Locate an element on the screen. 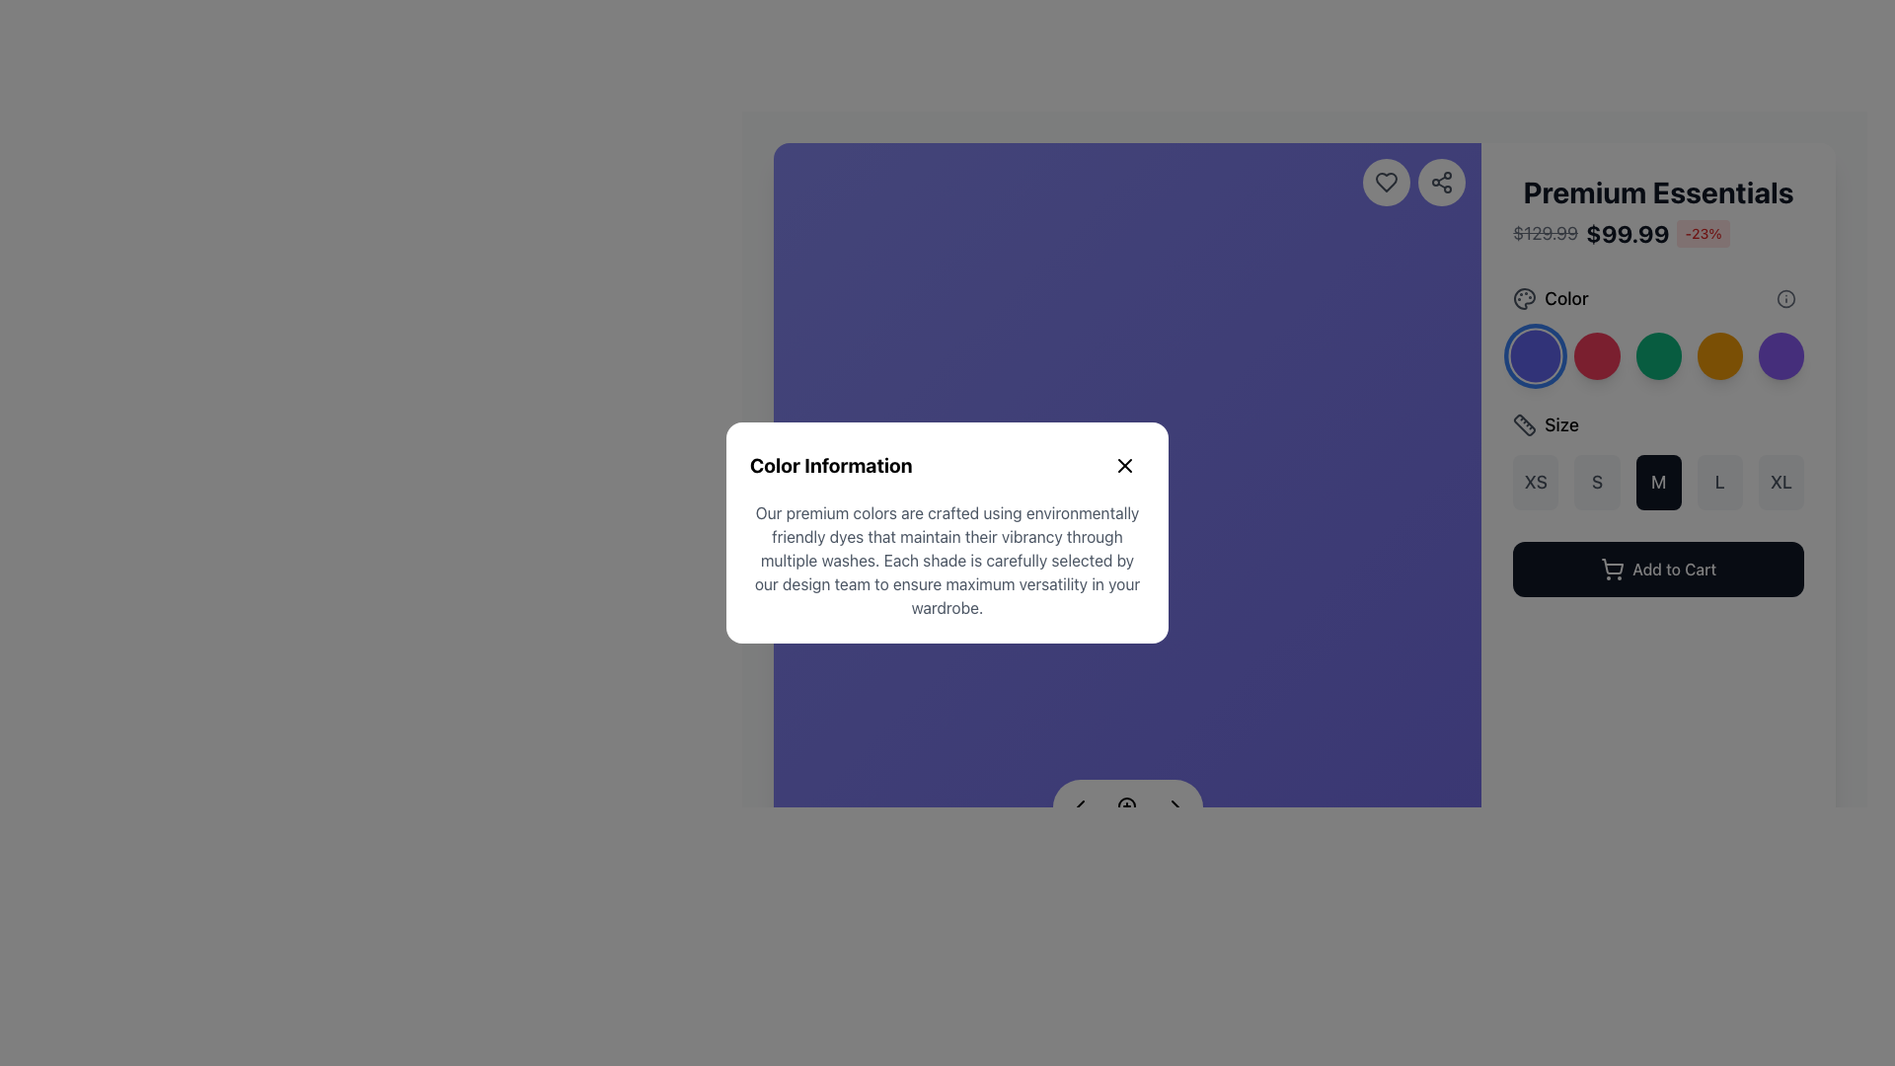  the button located at the bottom of the product details card is located at coordinates (1658, 570).